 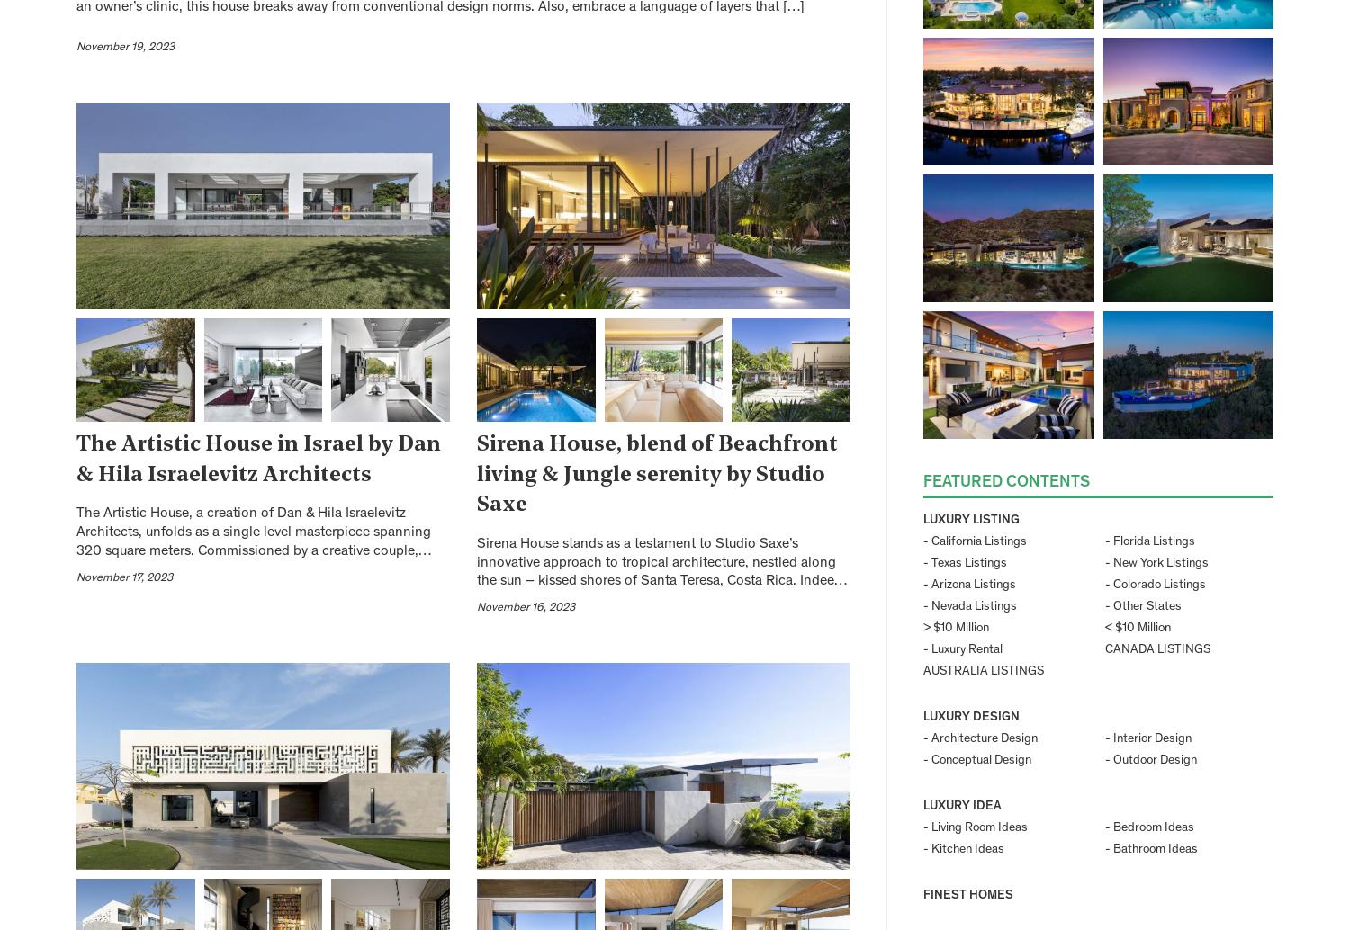 I want to click on '- Conceptual Design', so click(x=976, y=758).